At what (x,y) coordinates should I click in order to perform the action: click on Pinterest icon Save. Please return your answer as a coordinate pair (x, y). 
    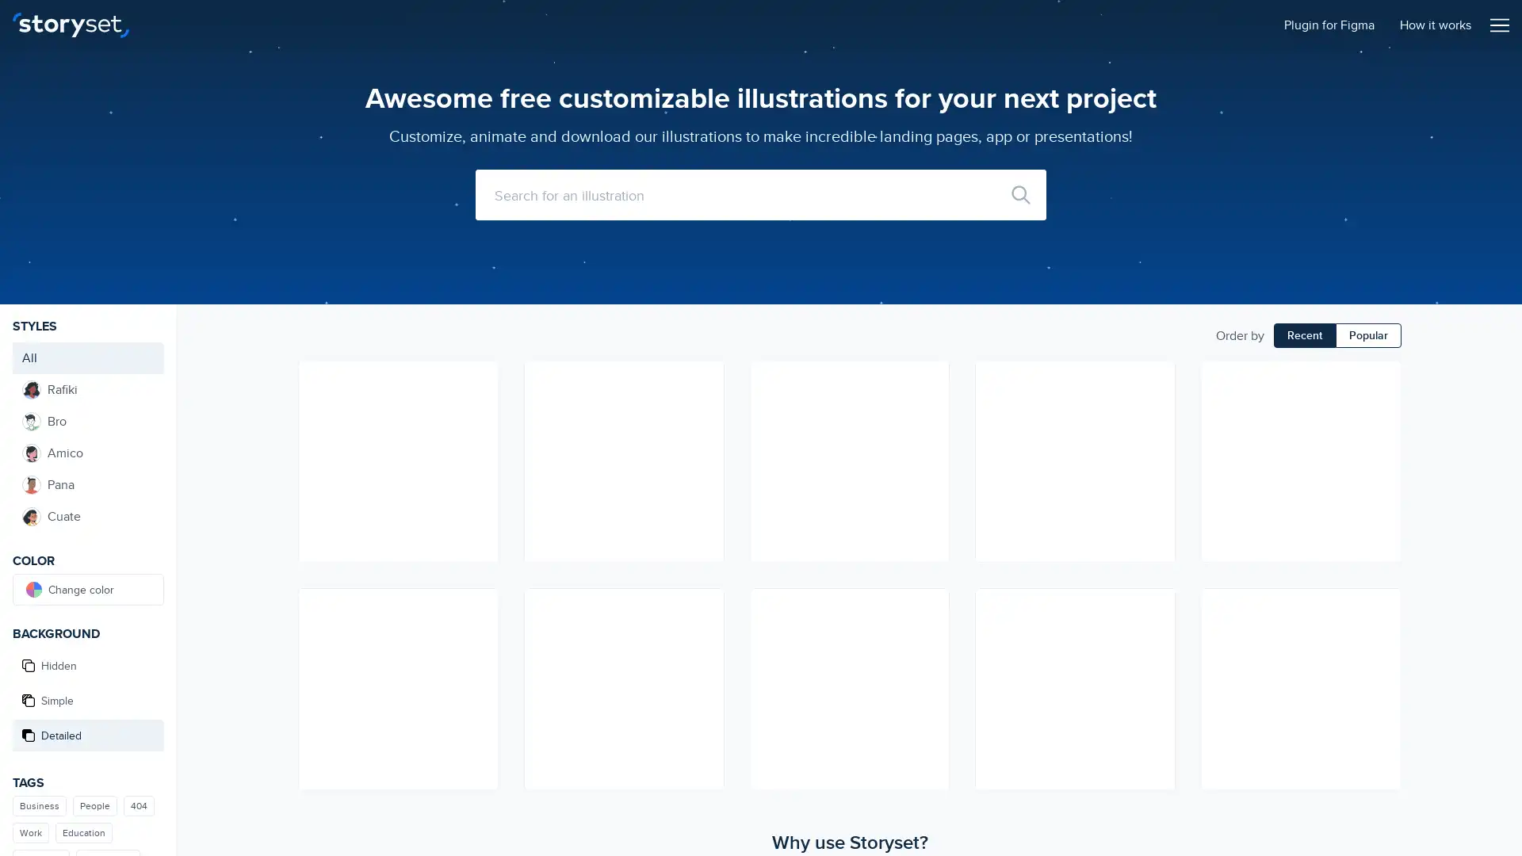
    Looking at the image, I should click on (477, 663).